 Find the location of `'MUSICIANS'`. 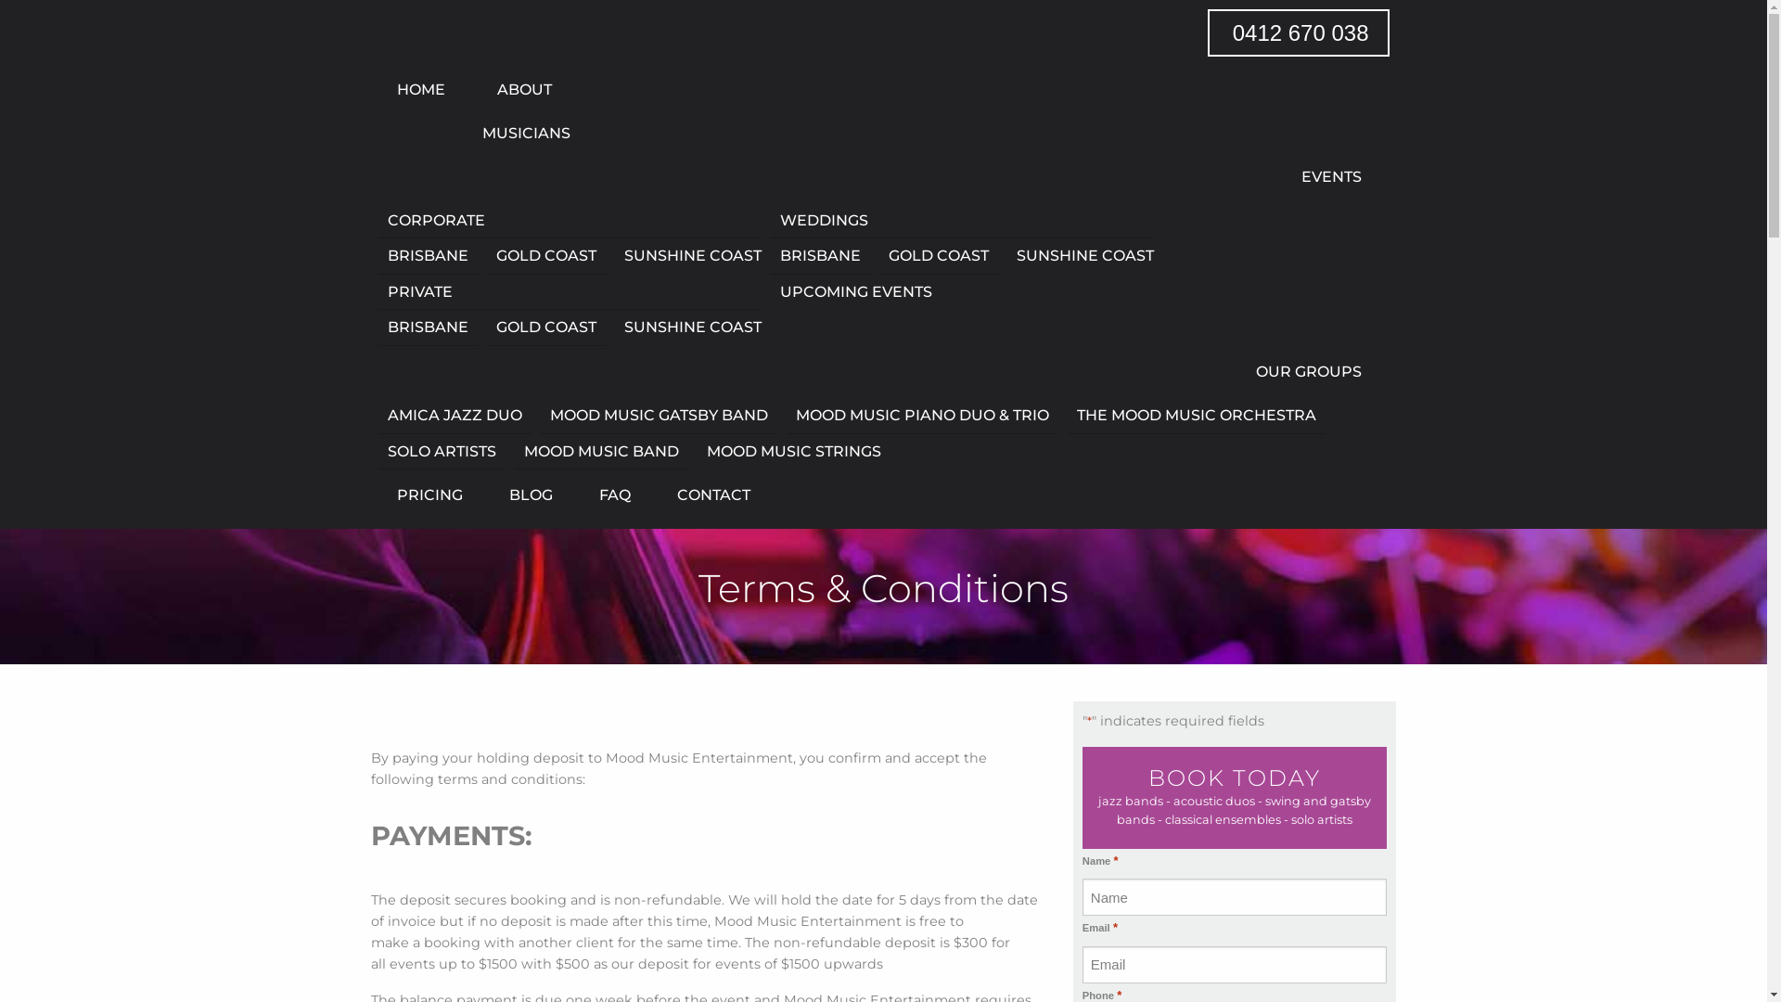

'MUSICIANS' is located at coordinates (472, 132).